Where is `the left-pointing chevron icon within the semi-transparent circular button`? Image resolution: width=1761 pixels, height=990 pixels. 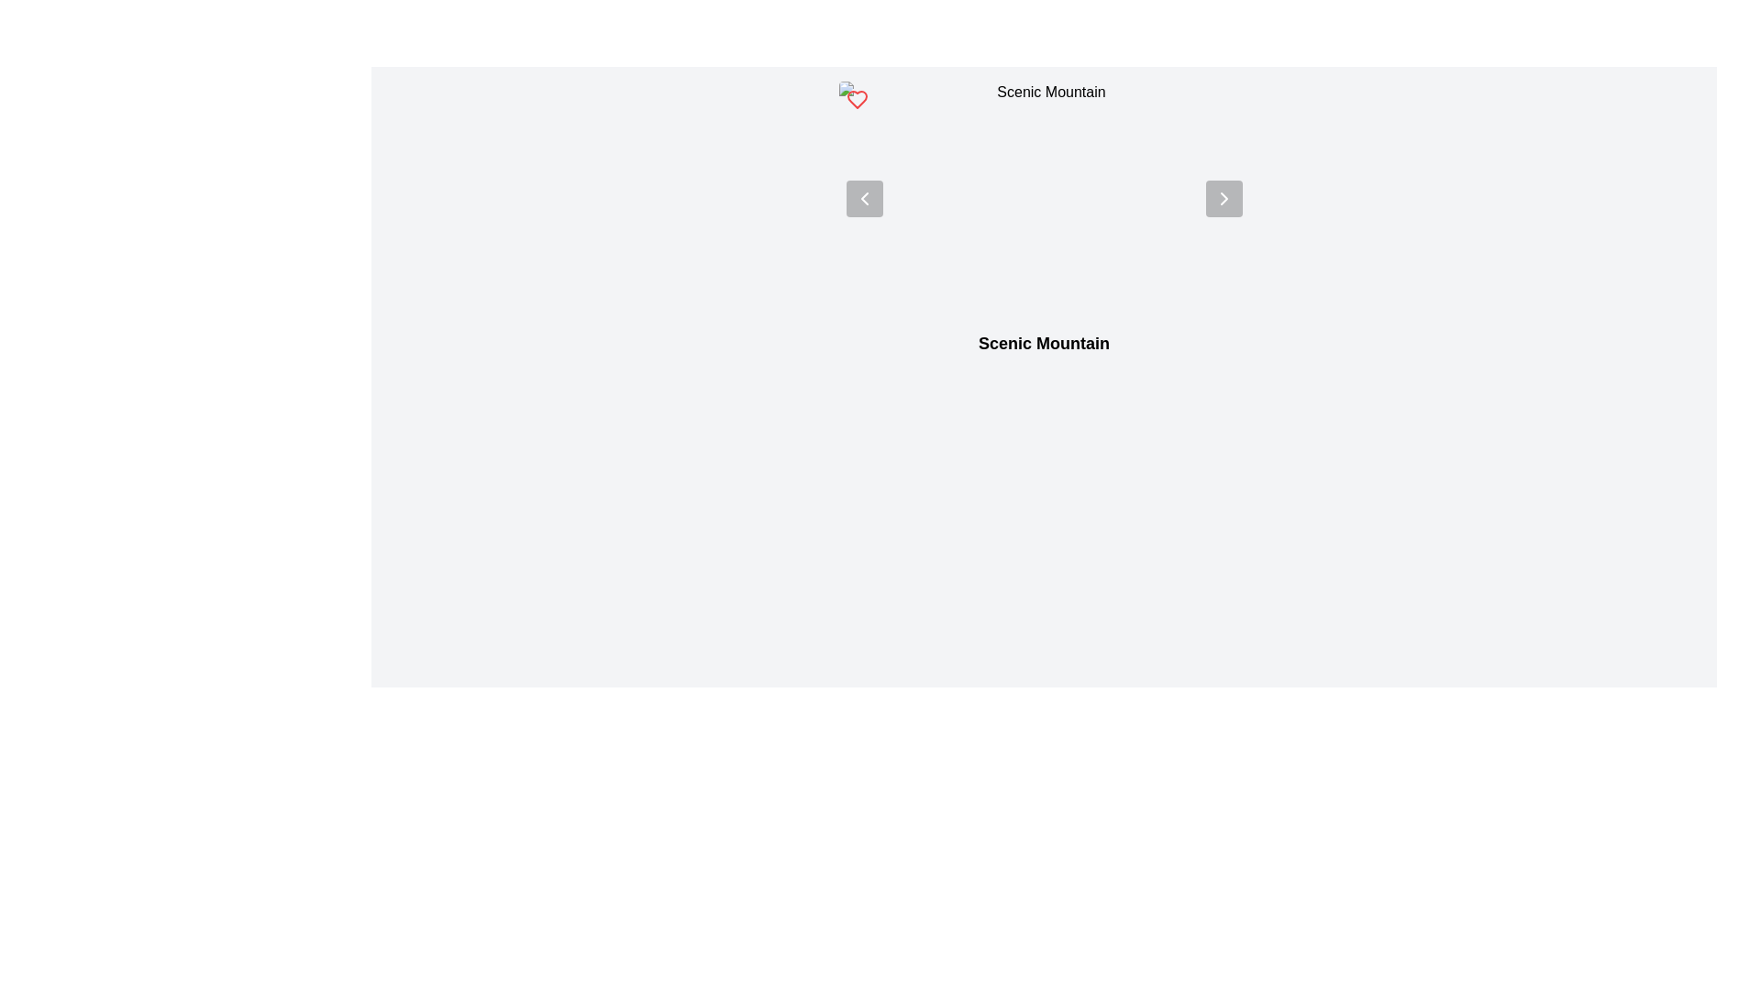
the left-pointing chevron icon within the semi-transparent circular button is located at coordinates (863, 198).